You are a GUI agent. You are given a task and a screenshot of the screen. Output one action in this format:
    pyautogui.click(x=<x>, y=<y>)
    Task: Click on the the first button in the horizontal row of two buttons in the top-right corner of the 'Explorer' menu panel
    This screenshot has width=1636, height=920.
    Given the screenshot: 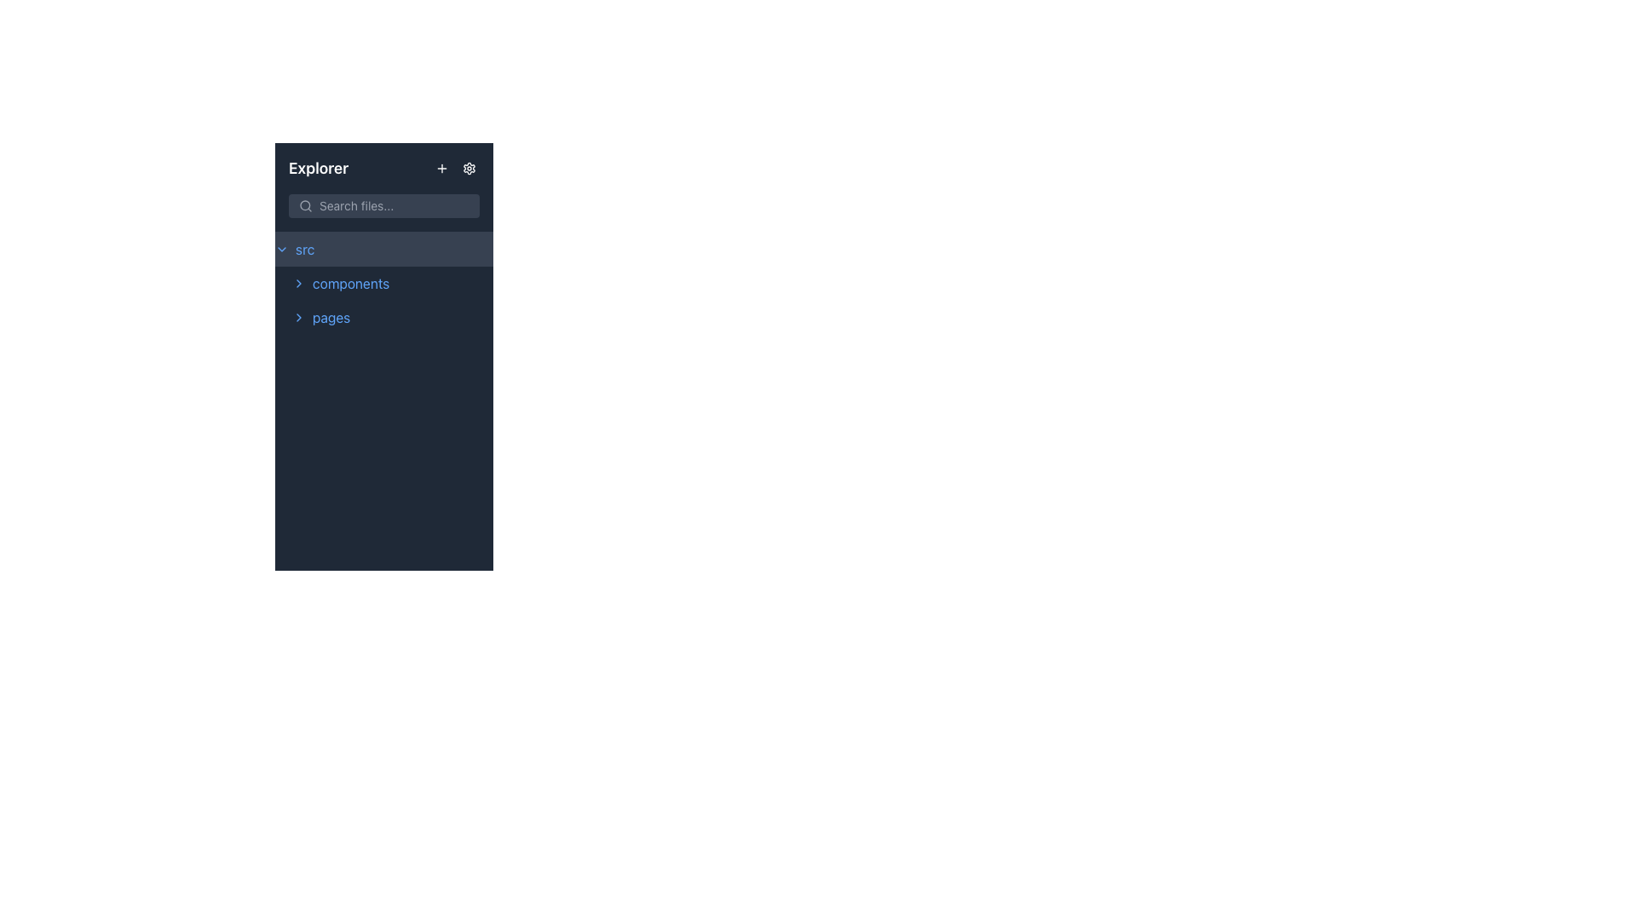 What is the action you would take?
    pyautogui.click(x=441, y=168)
    